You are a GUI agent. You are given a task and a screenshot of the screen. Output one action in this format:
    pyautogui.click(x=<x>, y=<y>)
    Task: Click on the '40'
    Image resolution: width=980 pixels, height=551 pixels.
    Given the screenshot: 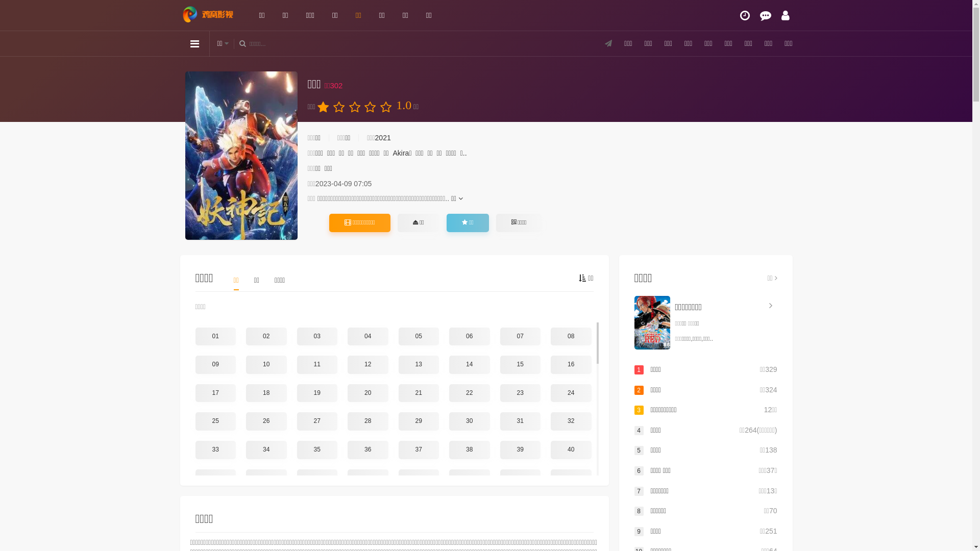 What is the action you would take?
    pyautogui.click(x=570, y=449)
    